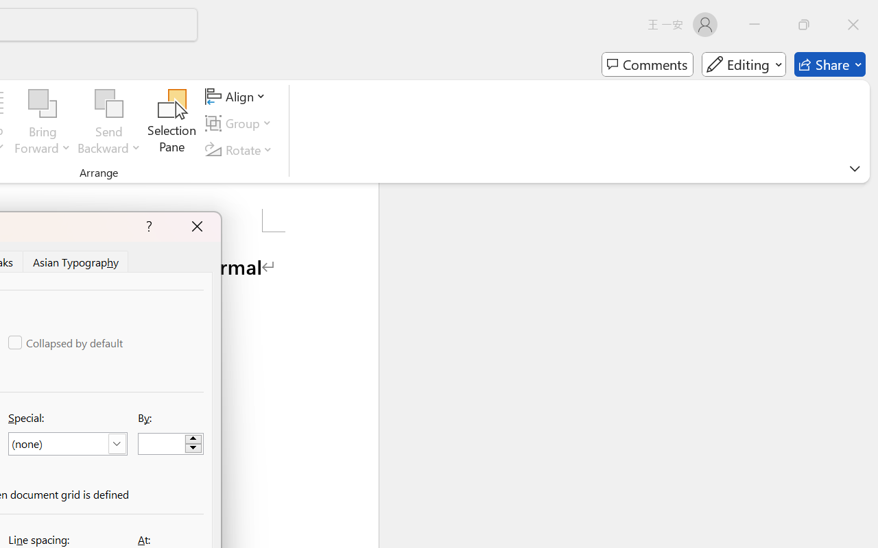  Describe the element at coordinates (108, 103) in the screenshot. I see `'Send Backward'` at that location.